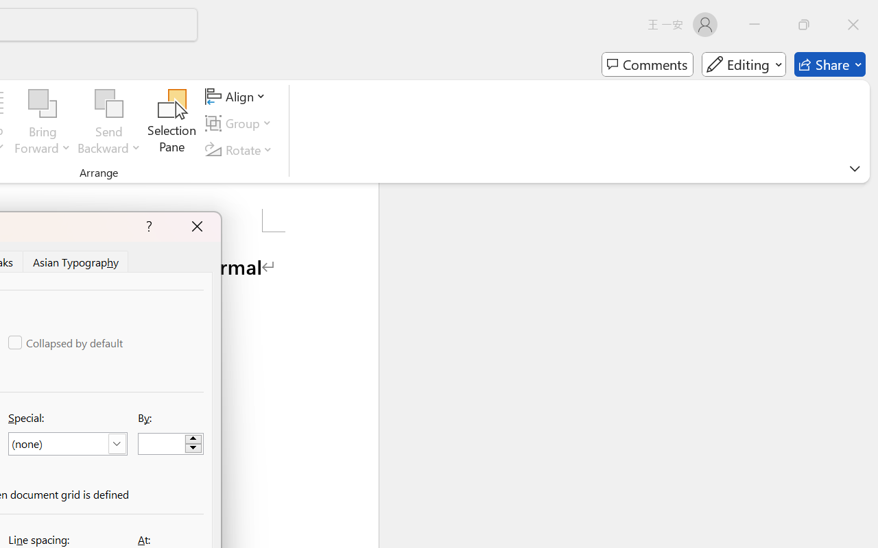  Describe the element at coordinates (108, 103) in the screenshot. I see `'Send Backward'` at that location.